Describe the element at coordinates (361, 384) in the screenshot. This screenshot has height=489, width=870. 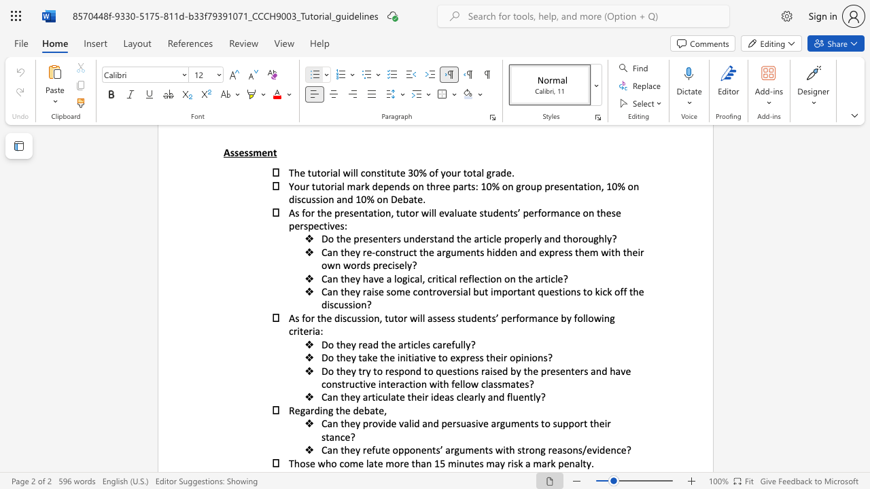
I see `the 9th character "t" in the text` at that location.